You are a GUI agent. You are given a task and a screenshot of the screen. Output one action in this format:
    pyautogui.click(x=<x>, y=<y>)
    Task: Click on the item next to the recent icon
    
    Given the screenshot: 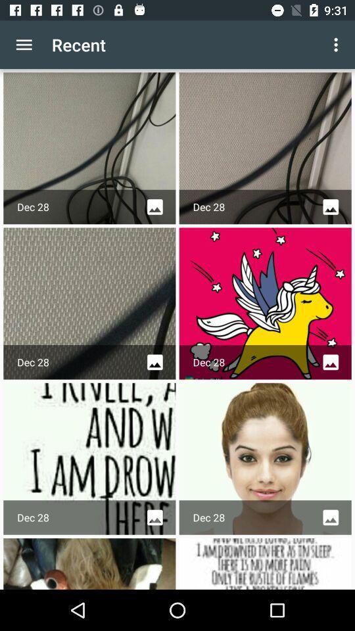 What is the action you would take?
    pyautogui.click(x=337, y=45)
    